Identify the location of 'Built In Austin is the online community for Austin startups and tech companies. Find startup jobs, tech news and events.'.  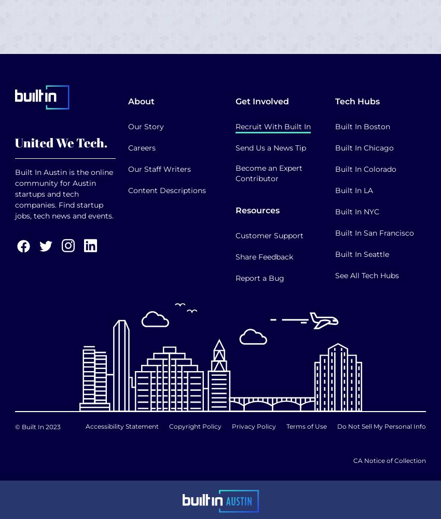
(64, 193).